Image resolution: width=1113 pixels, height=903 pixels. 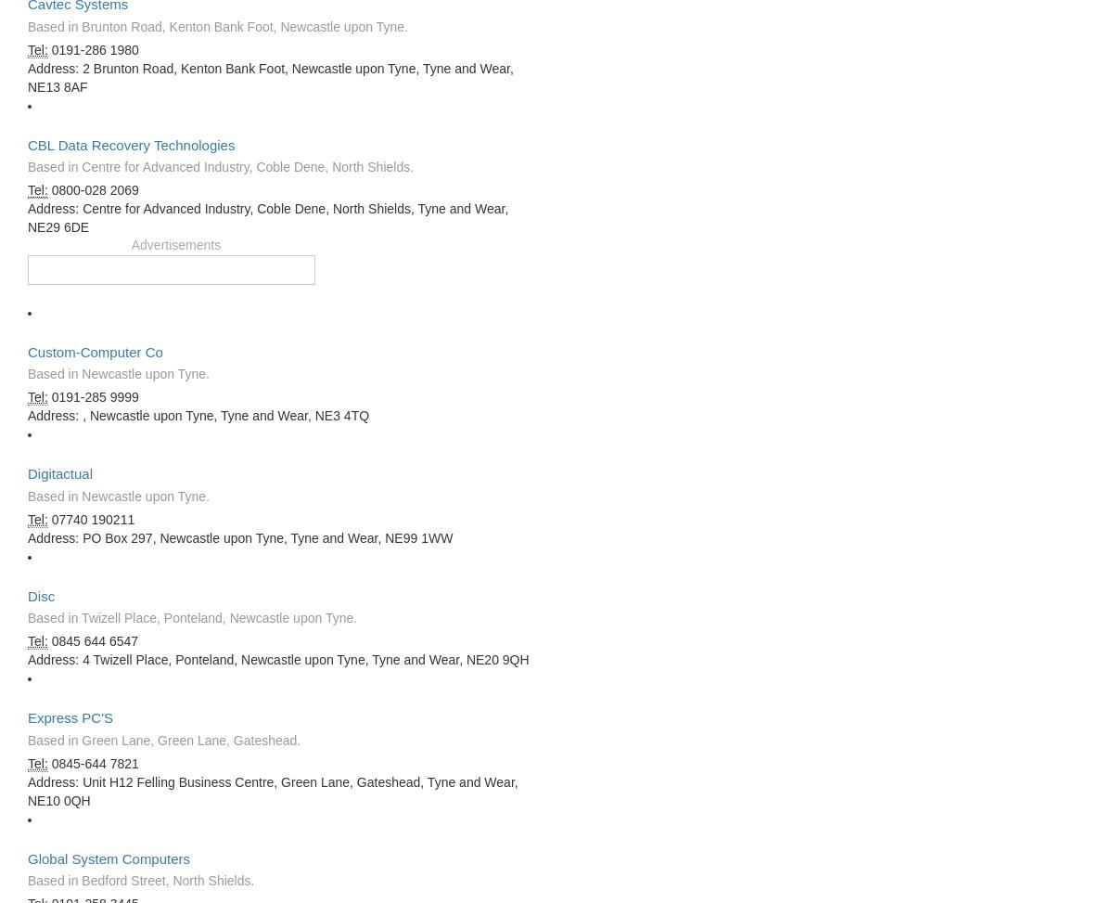 What do you see at coordinates (47, 190) in the screenshot?
I see `'0800-028 2069'` at bounding box center [47, 190].